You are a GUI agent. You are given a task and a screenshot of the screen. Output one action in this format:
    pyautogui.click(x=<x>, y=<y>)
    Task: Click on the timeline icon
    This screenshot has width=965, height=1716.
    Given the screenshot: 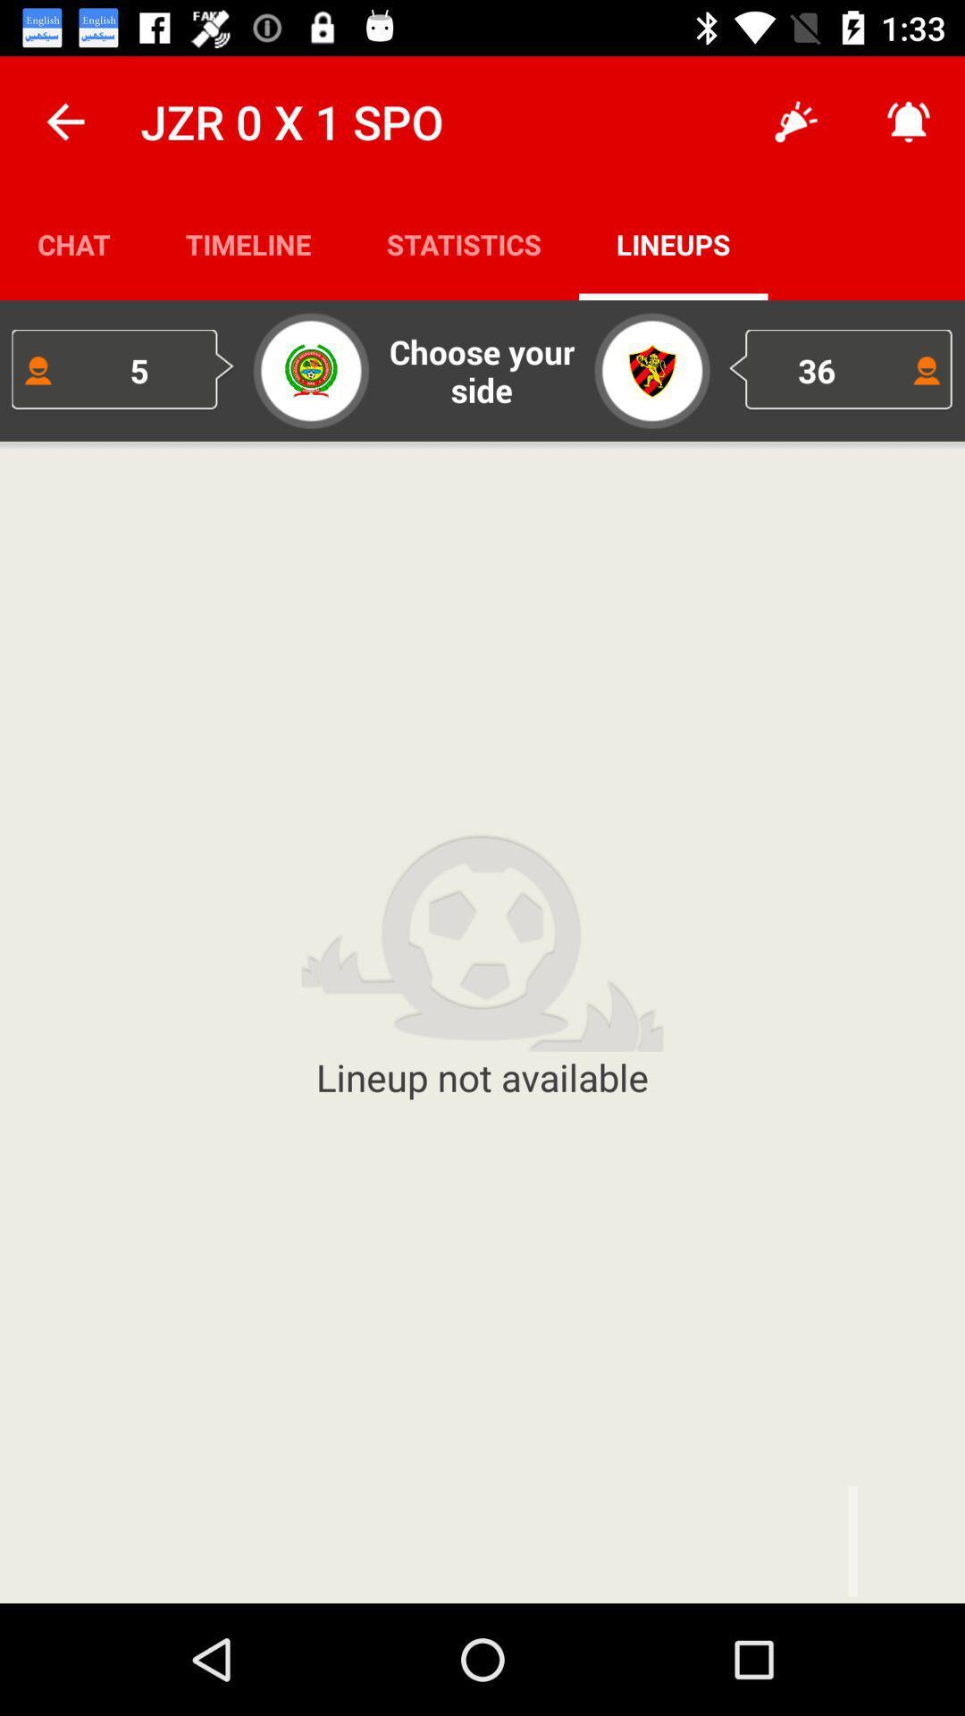 What is the action you would take?
    pyautogui.click(x=248, y=243)
    